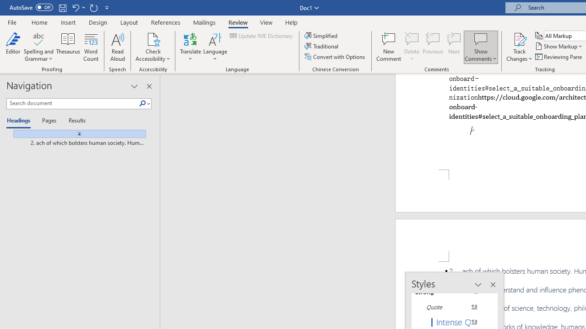 The width and height of the screenshot is (586, 329). What do you see at coordinates (153, 38) in the screenshot?
I see `'Check Accessibility'` at bounding box center [153, 38].